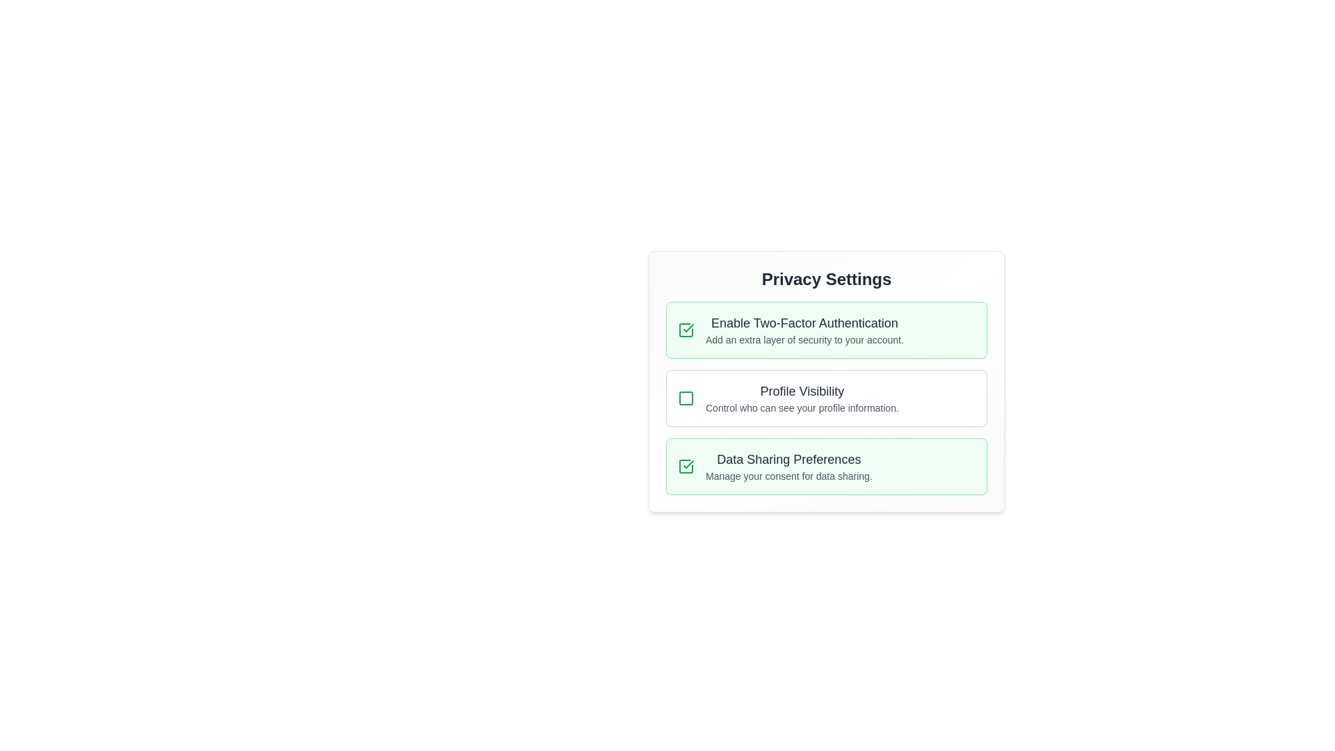 The image size is (1335, 751). Describe the element at coordinates (804, 323) in the screenshot. I see `the bolded text label reading 'Enable Two-Factor Authentication' located in the privacy settings panel, above the smaller descriptive text` at that location.